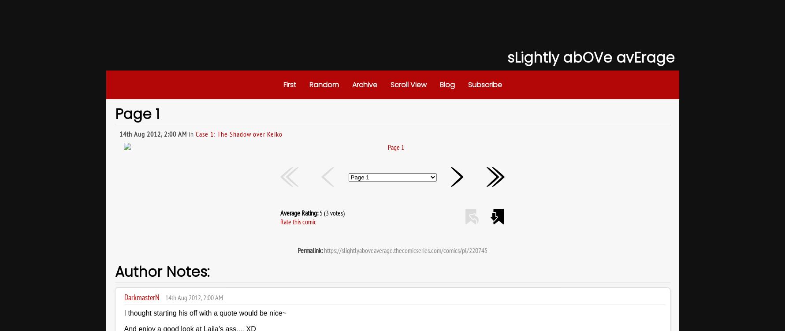 This screenshot has width=785, height=331. Describe the element at coordinates (320, 212) in the screenshot. I see `'5'` at that location.